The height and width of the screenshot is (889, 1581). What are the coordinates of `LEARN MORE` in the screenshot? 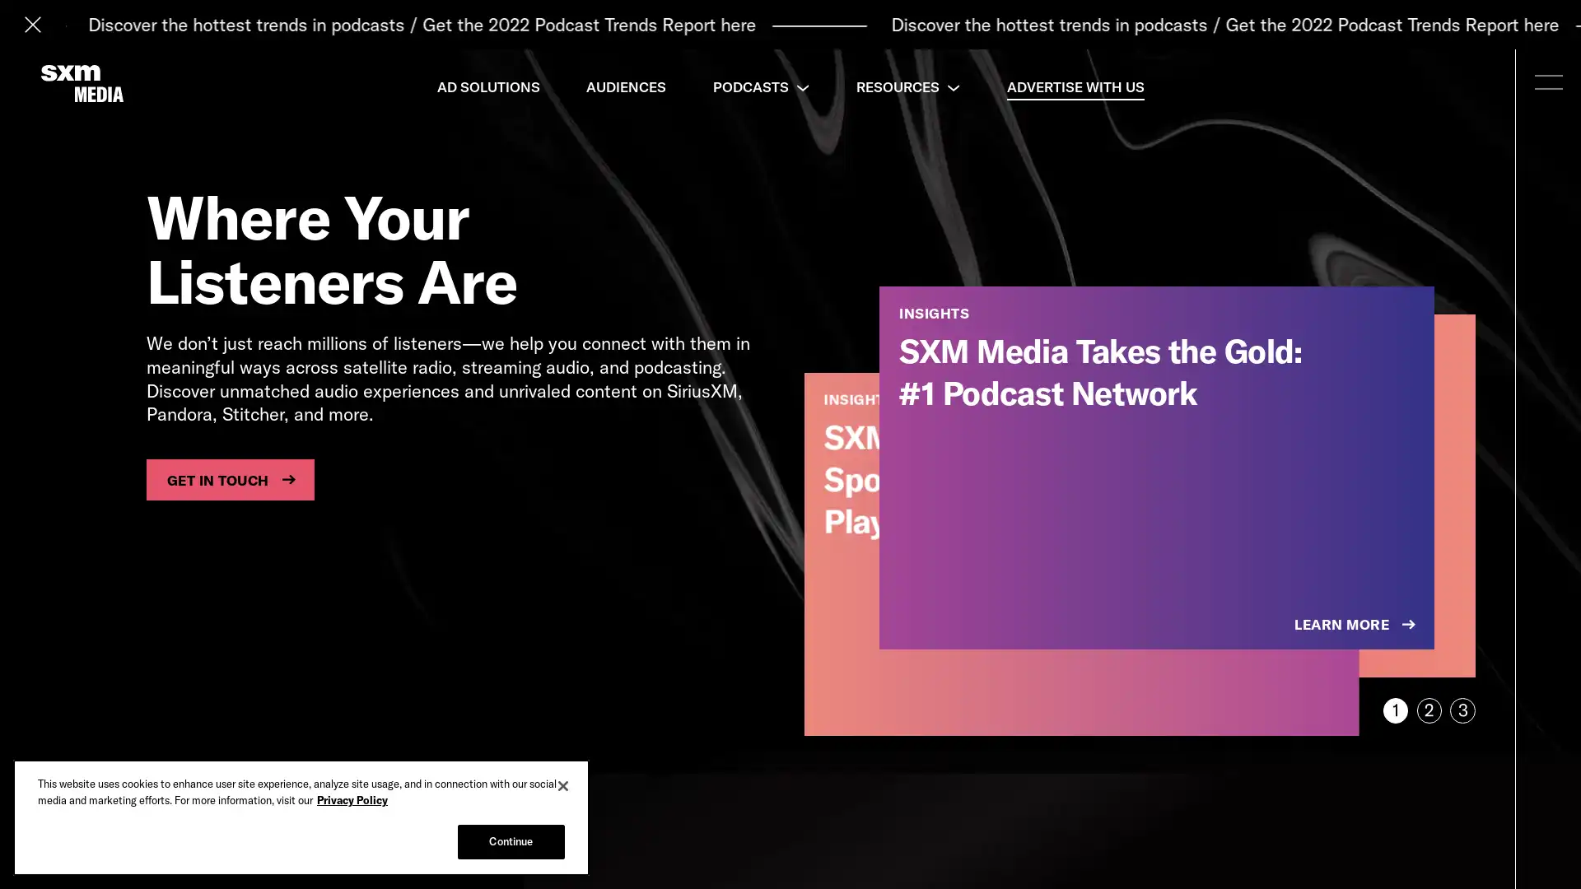 It's located at (1356, 625).